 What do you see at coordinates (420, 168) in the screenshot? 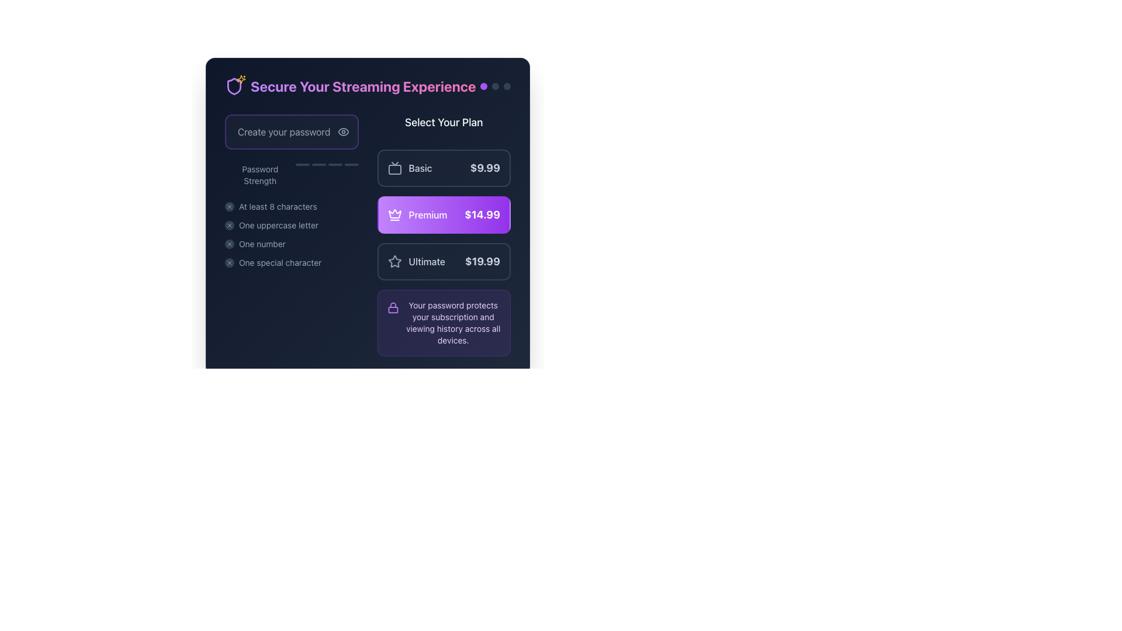
I see `the text label displaying 'Basic' in capitalized light slate gray color, which is part of the subscription plan options interface` at bounding box center [420, 168].